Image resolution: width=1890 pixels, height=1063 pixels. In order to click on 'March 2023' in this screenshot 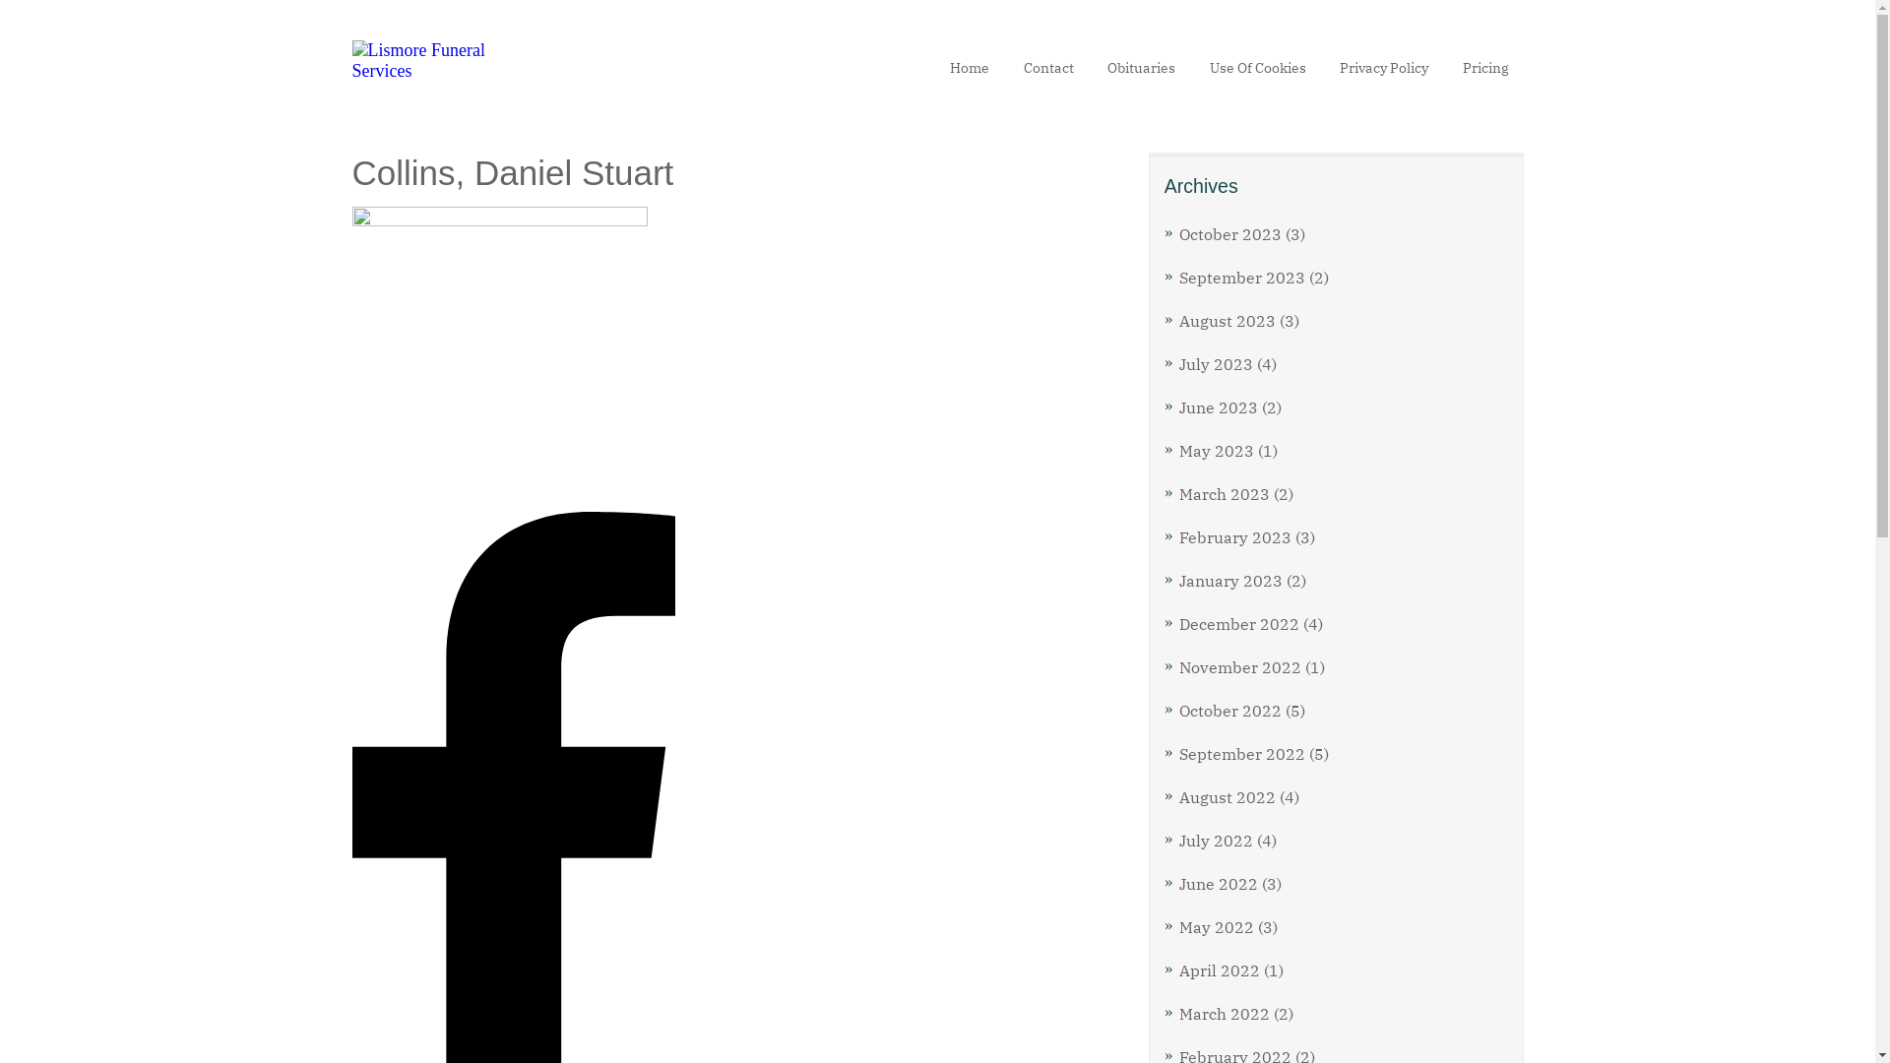, I will do `click(1223, 492)`.